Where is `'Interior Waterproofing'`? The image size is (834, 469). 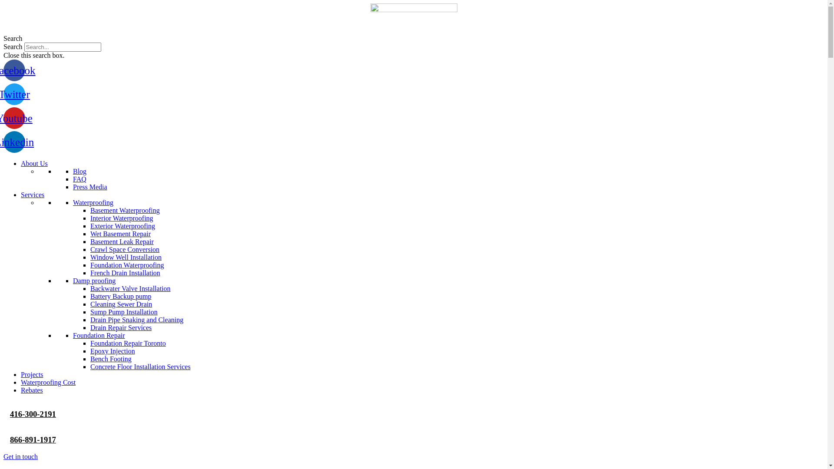 'Interior Waterproofing' is located at coordinates (121, 218).